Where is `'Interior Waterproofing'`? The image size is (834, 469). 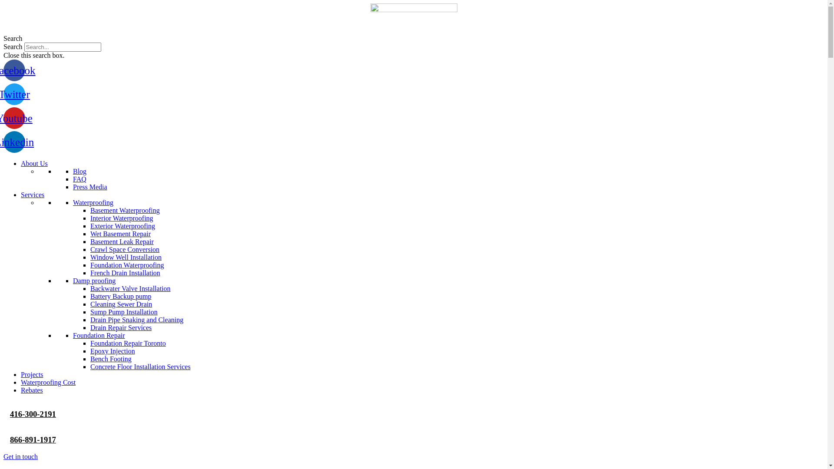 'Interior Waterproofing' is located at coordinates (121, 218).